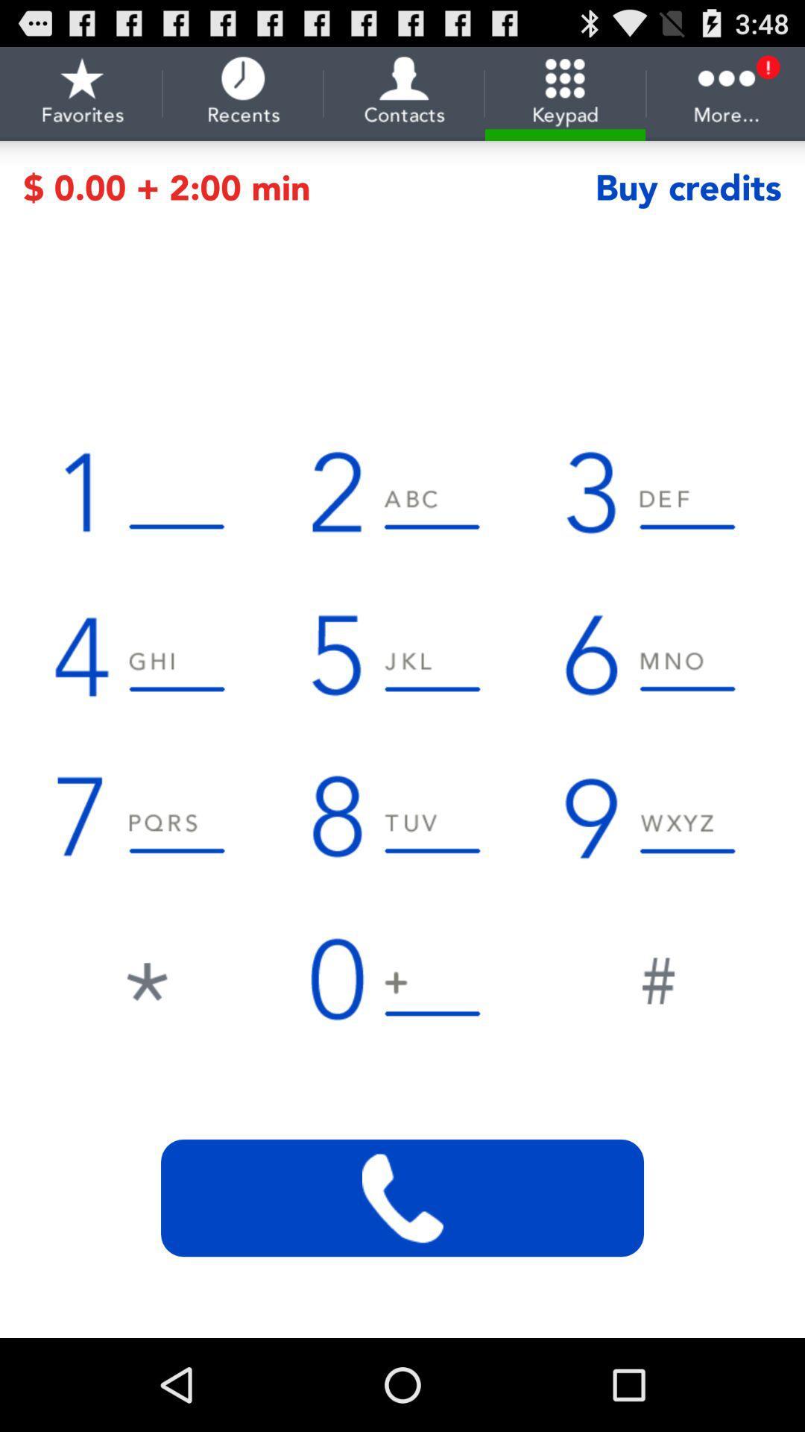 This screenshot has width=805, height=1432. I want to click on icon next to the buy credits item, so click(309, 187).